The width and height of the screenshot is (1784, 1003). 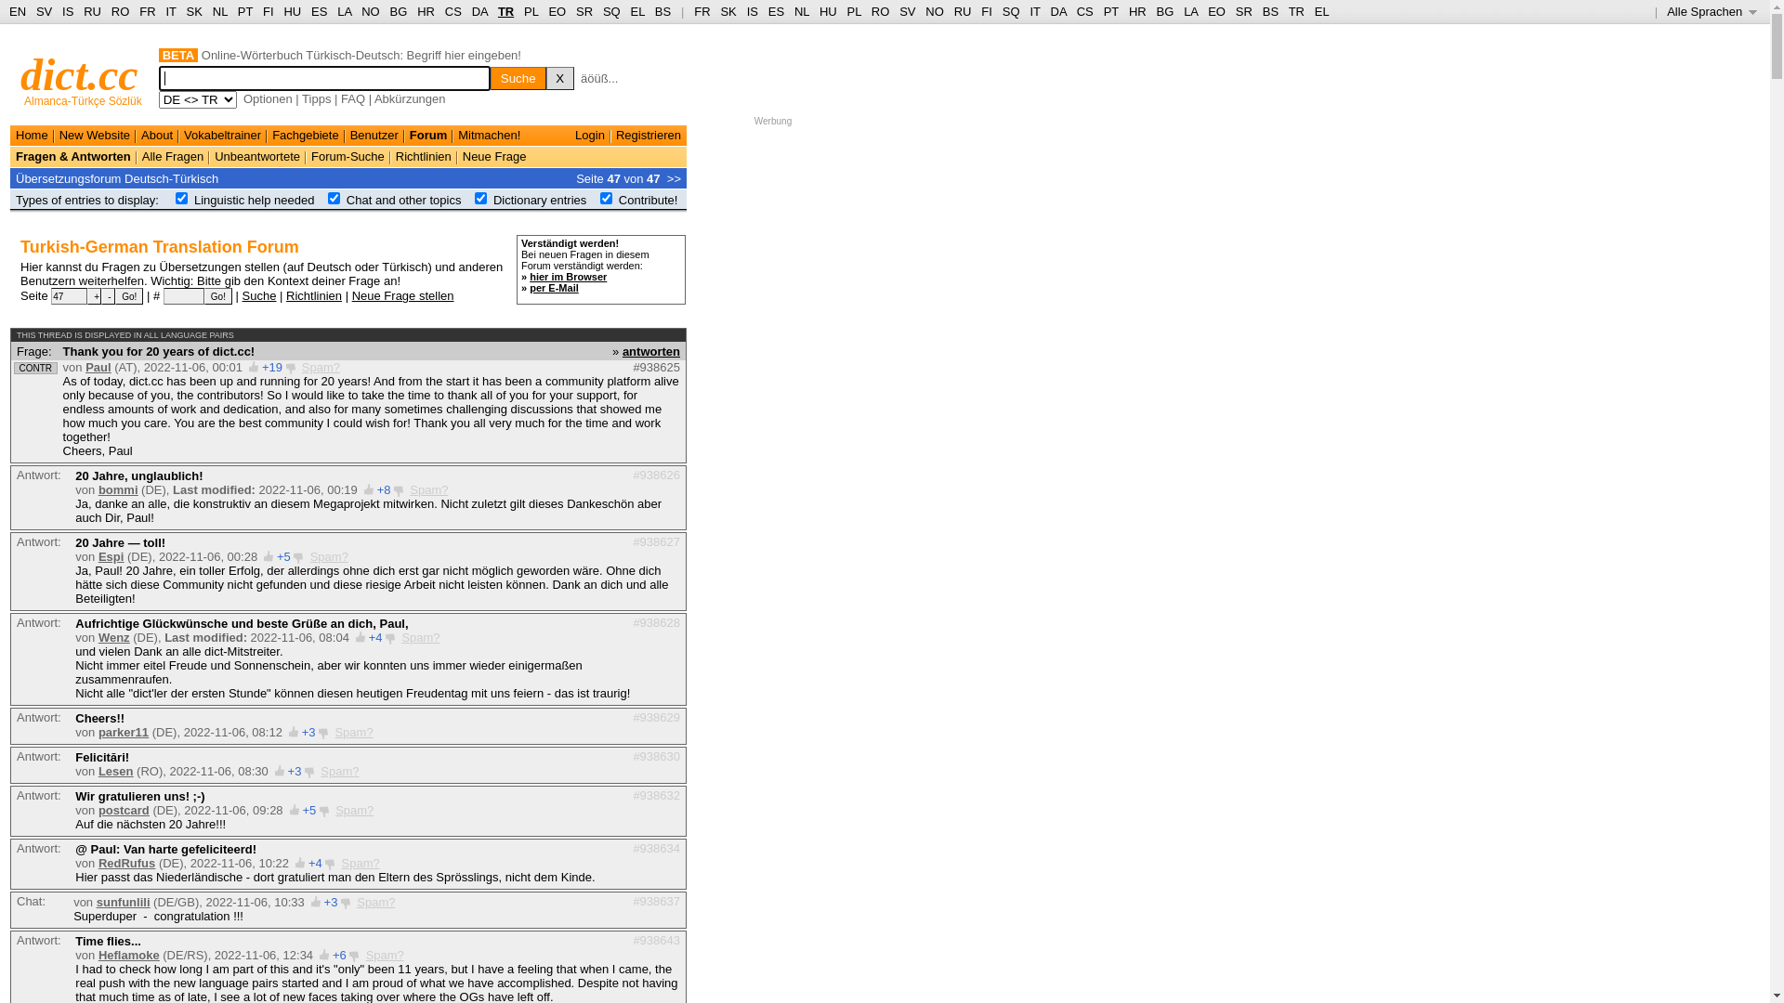 I want to click on 'NO', so click(x=370, y=11).